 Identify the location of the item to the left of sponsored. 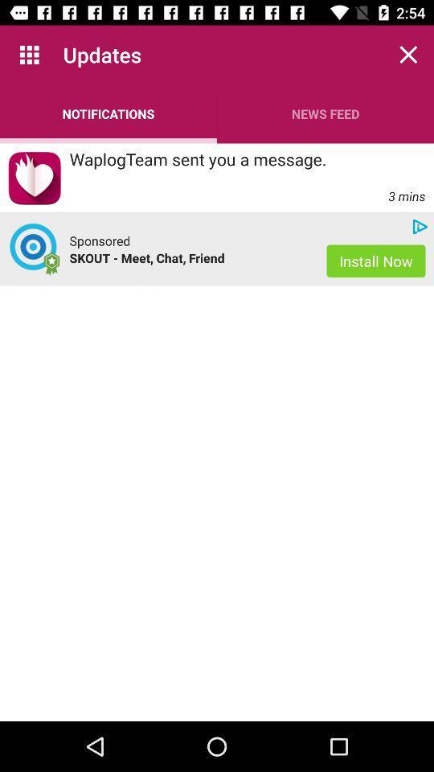
(35, 249).